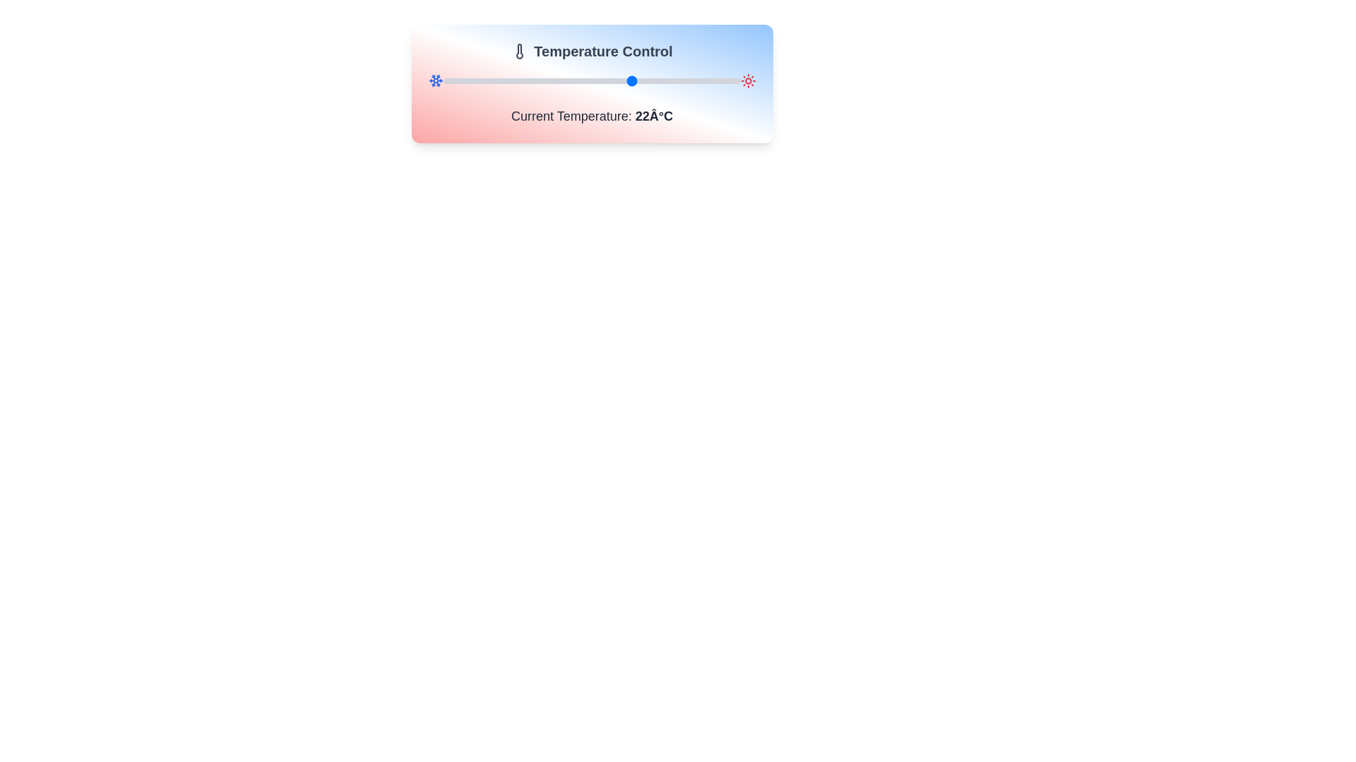 The width and height of the screenshot is (1356, 762). What do you see at coordinates (722, 81) in the screenshot?
I see `the temperature` at bounding box center [722, 81].